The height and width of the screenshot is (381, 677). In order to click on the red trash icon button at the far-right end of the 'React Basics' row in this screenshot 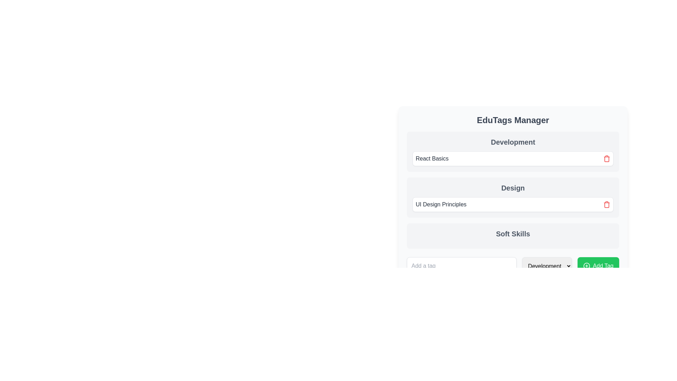, I will do `click(606, 159)`.